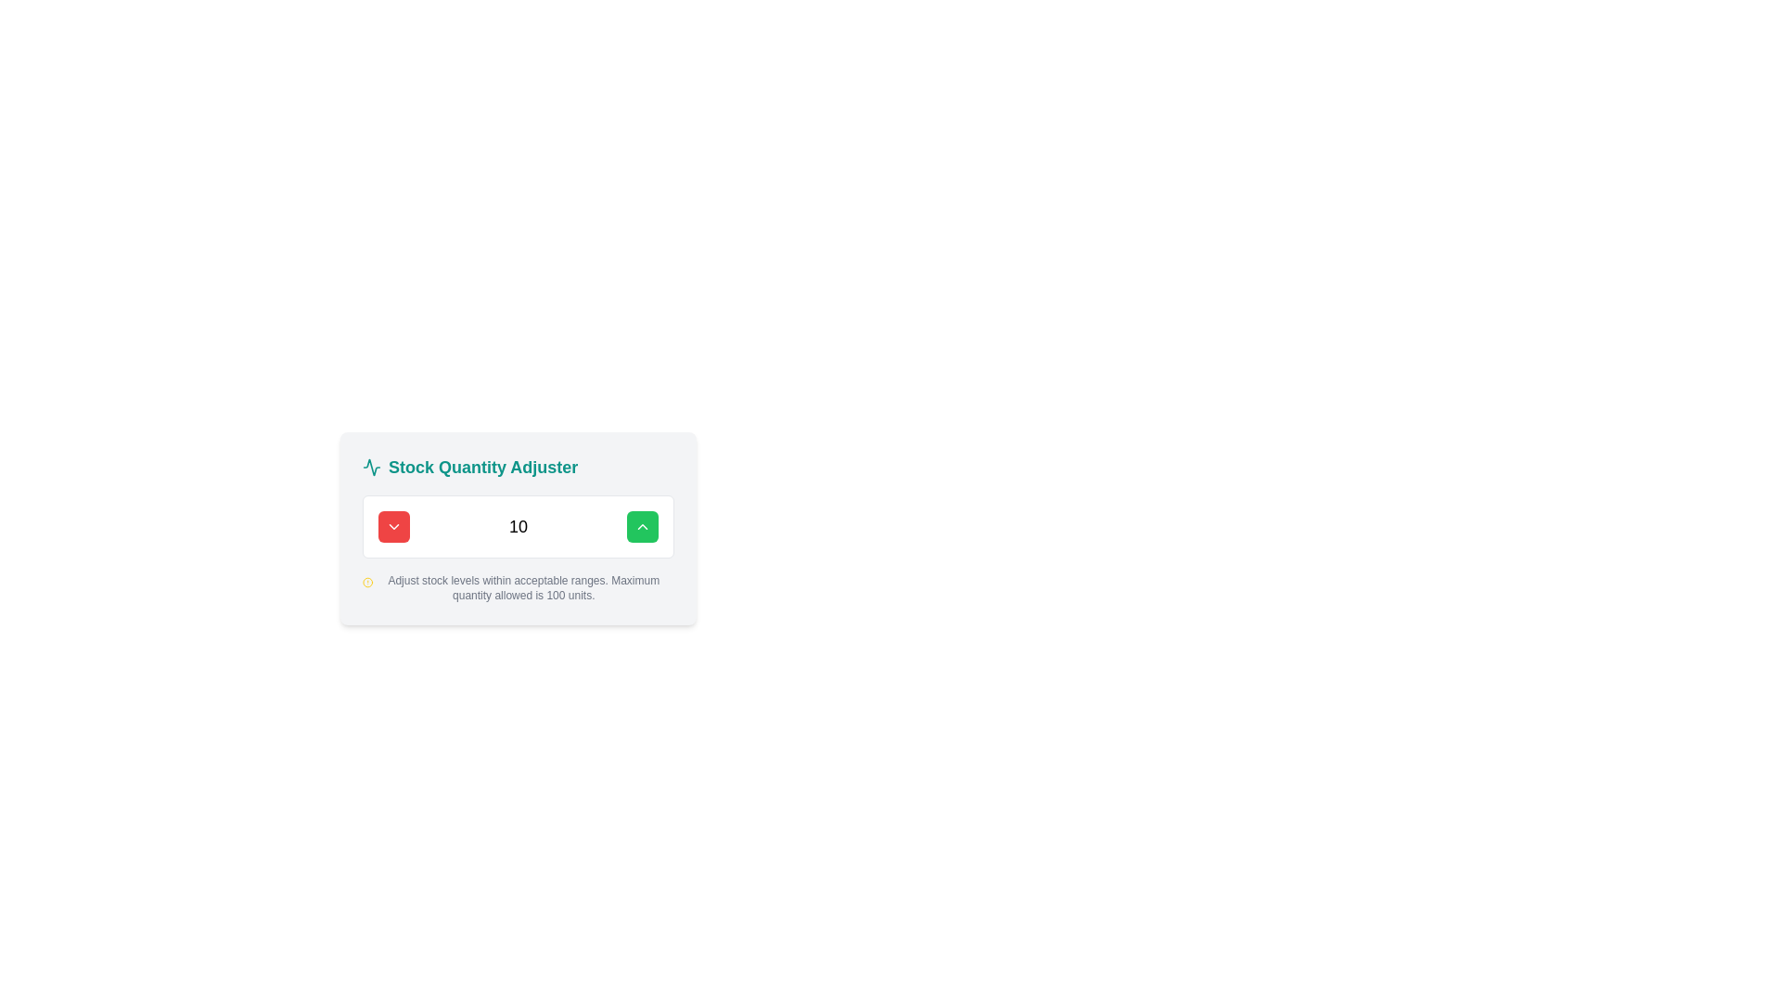 This screenshot has width=1781, height=1002. I want to click on the downward-facing chevron icon located centrally within the red rounded rectangular button to initiate a decrement action, so click(393, 526).